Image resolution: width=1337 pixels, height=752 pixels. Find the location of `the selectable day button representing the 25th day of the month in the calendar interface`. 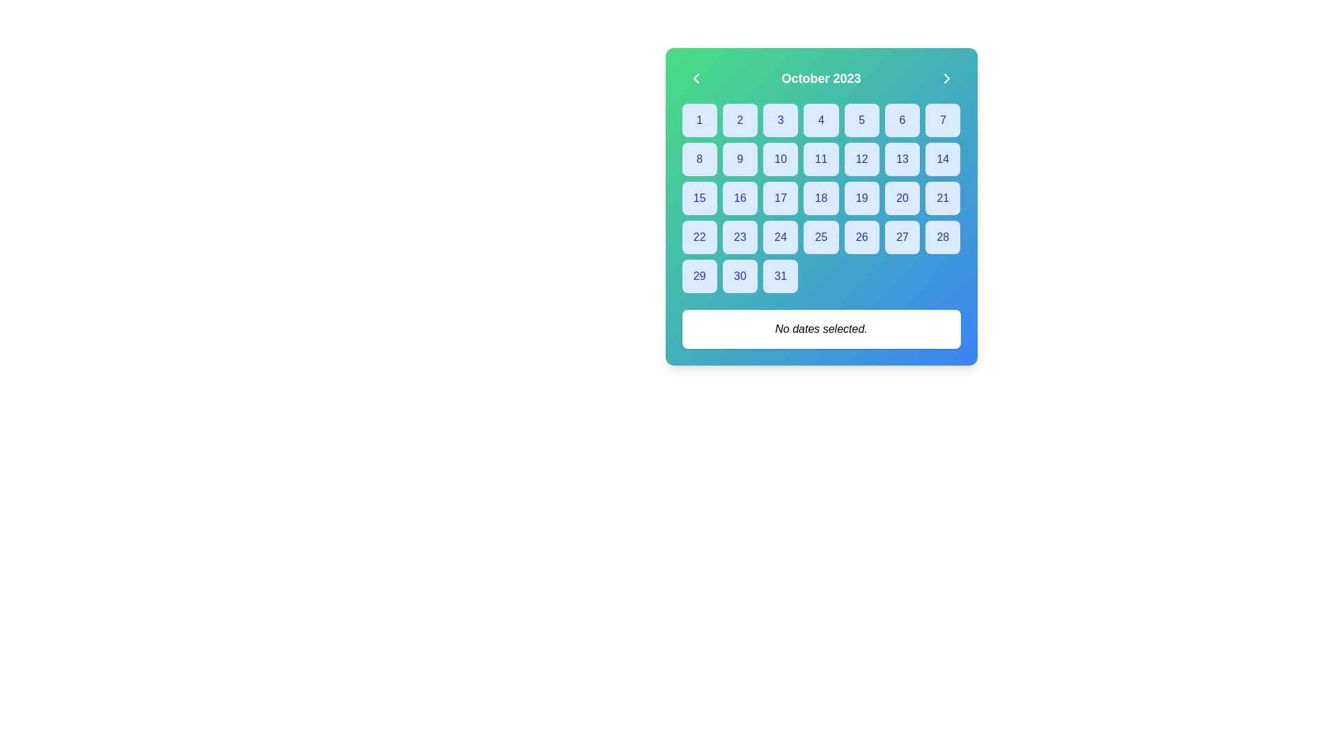

the selectable day button representing the 25th day of the month in the calendar interface is located at coordinates (821, 236).